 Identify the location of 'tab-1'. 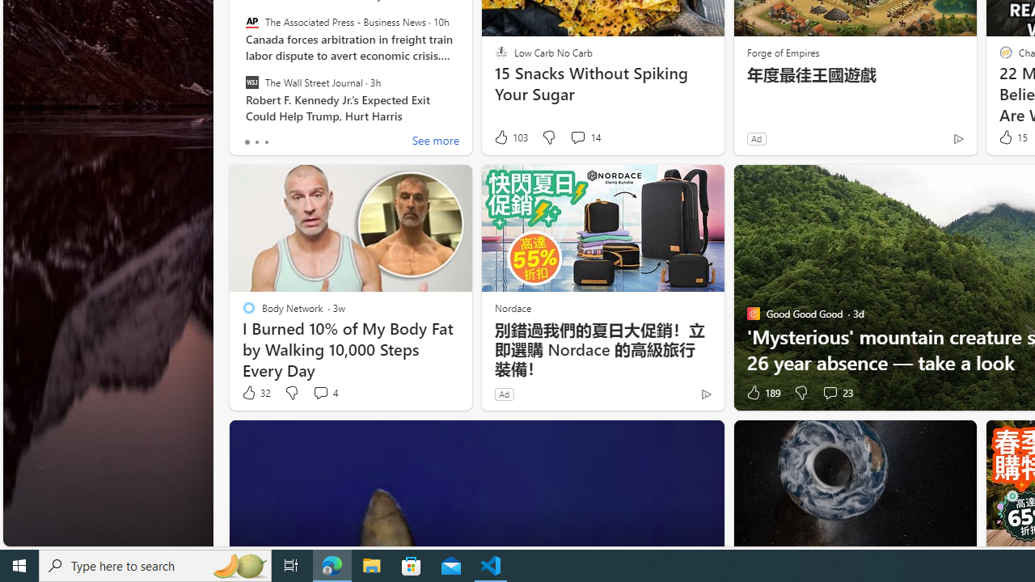
(256, 141).